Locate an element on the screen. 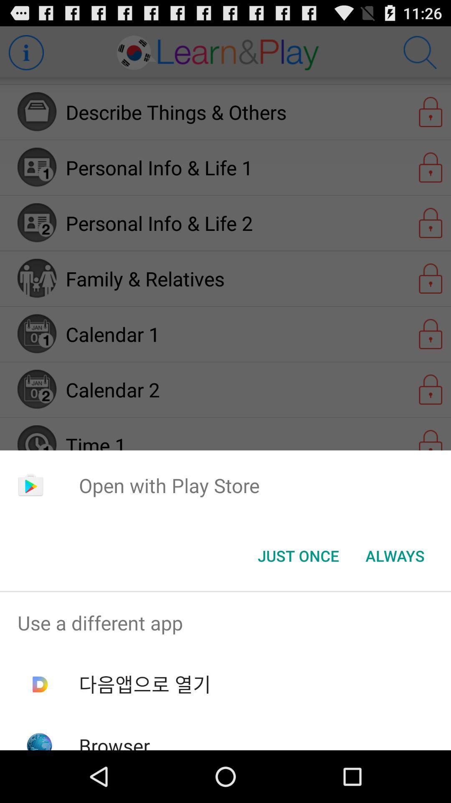 Image resolution: width=451 pixels, height=803 pixels. the button at the bottom right corner is located at coordinates (395, 556).